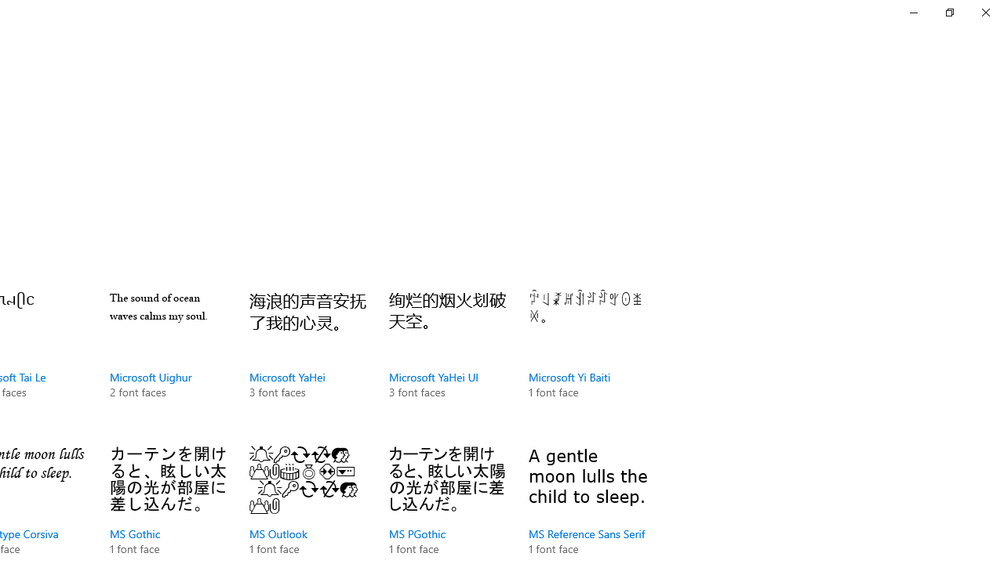 The width and height of the screenshot is (1004, 564). Describe the element at coordinates (997, 81) in the screenshot. I see `'Vertical Small Decrease'` at that location.